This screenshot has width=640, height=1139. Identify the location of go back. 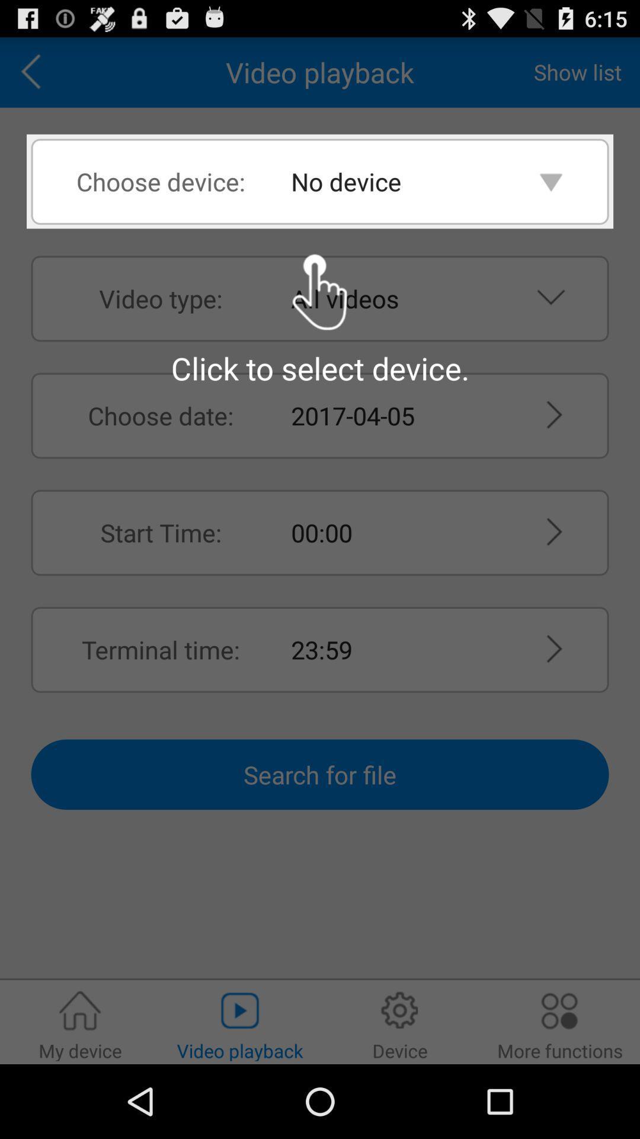
(34, 72).